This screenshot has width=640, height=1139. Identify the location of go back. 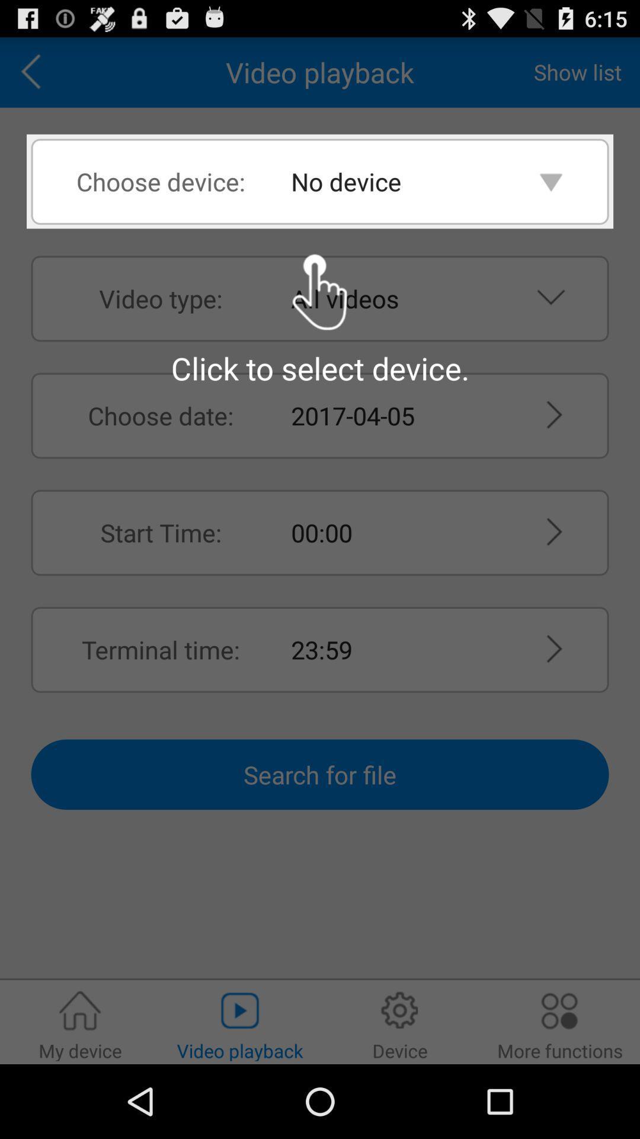
(34, 72).